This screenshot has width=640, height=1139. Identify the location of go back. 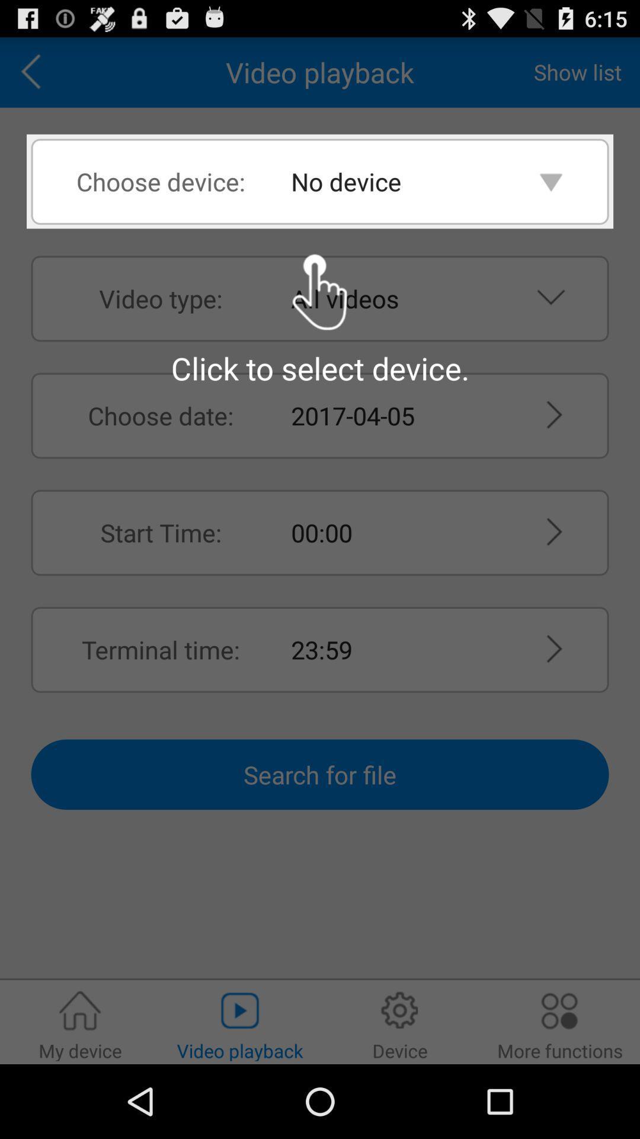
(34, 72).